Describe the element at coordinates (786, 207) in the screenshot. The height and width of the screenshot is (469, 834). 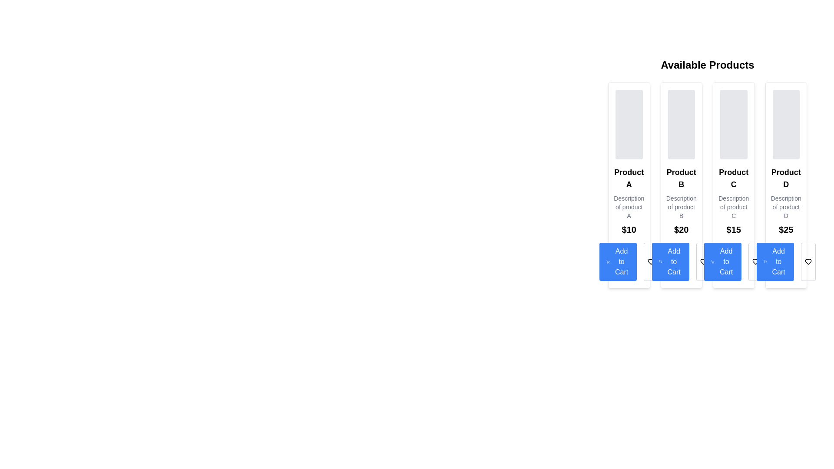
I see `the text label displaying 'Description of product D', which is styled in gray and located under the heading 'Product D'` at that location.